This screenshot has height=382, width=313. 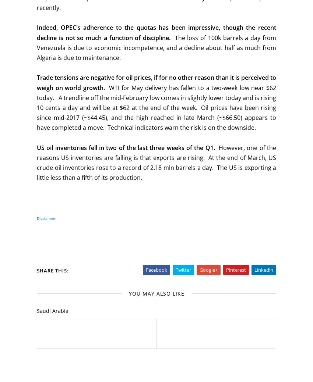 What do you see at coordinates (208, 269) in the screenshot?
I see `'Google+'` at bounding box center [208, 269].